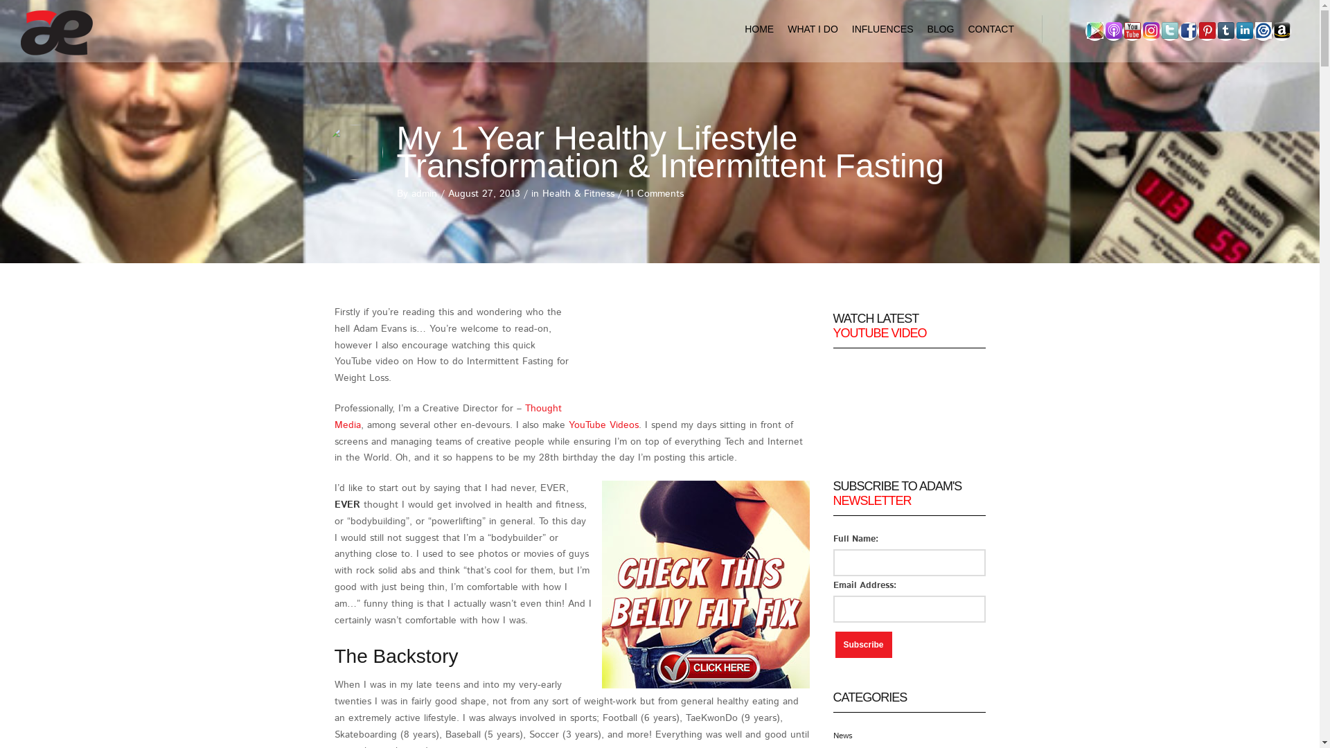  What do you see at coordinates (58, 35) in the screenshot?
I see `'Adam Evans Official Website'` at bounding box center [58, 35].